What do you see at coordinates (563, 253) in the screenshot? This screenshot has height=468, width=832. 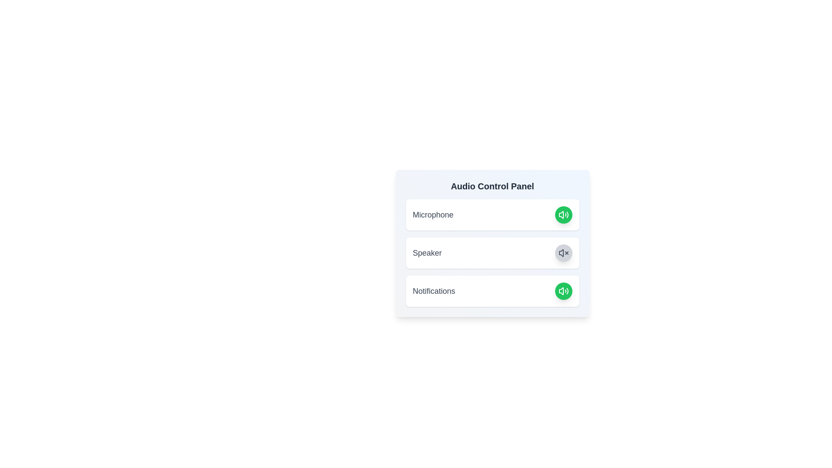 I see `the muted speaker icon with a dark gray outline and a small 'X' symbol located` at bounding box center [563, 253].